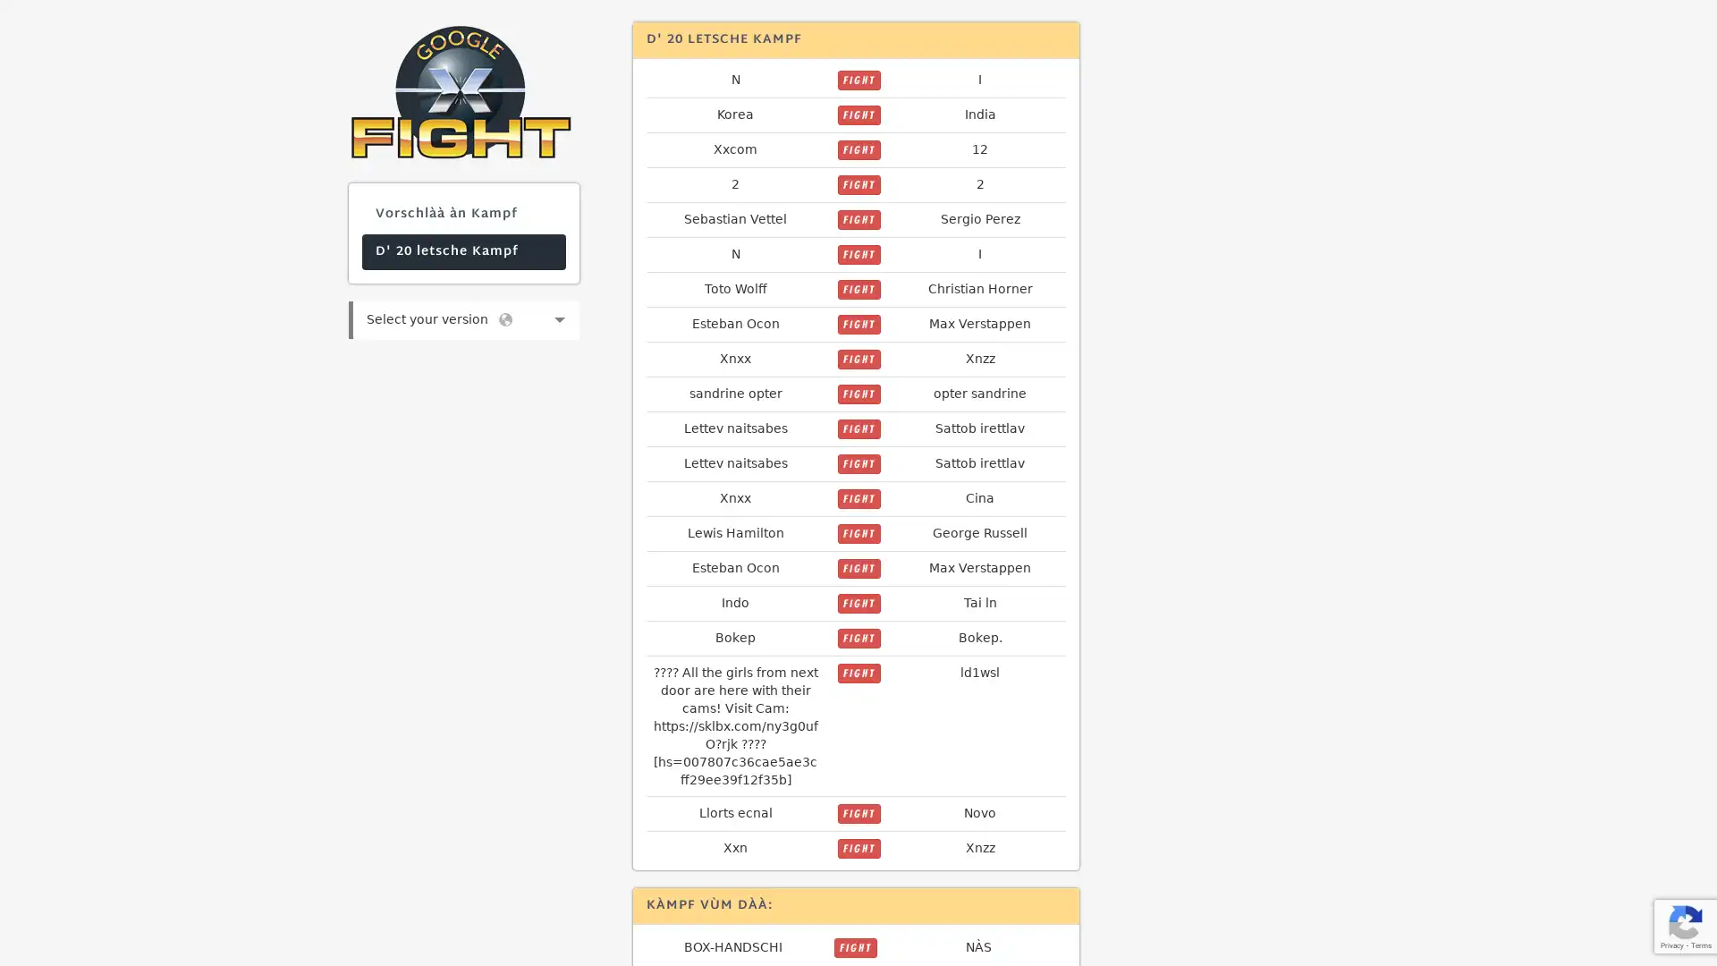 Image resolution: width=1717 pixels, height=966 pixels. What do you see at coordinates (858, 79) in the screenshot?
I see `FIGHT` at bounding box center [858, 79].